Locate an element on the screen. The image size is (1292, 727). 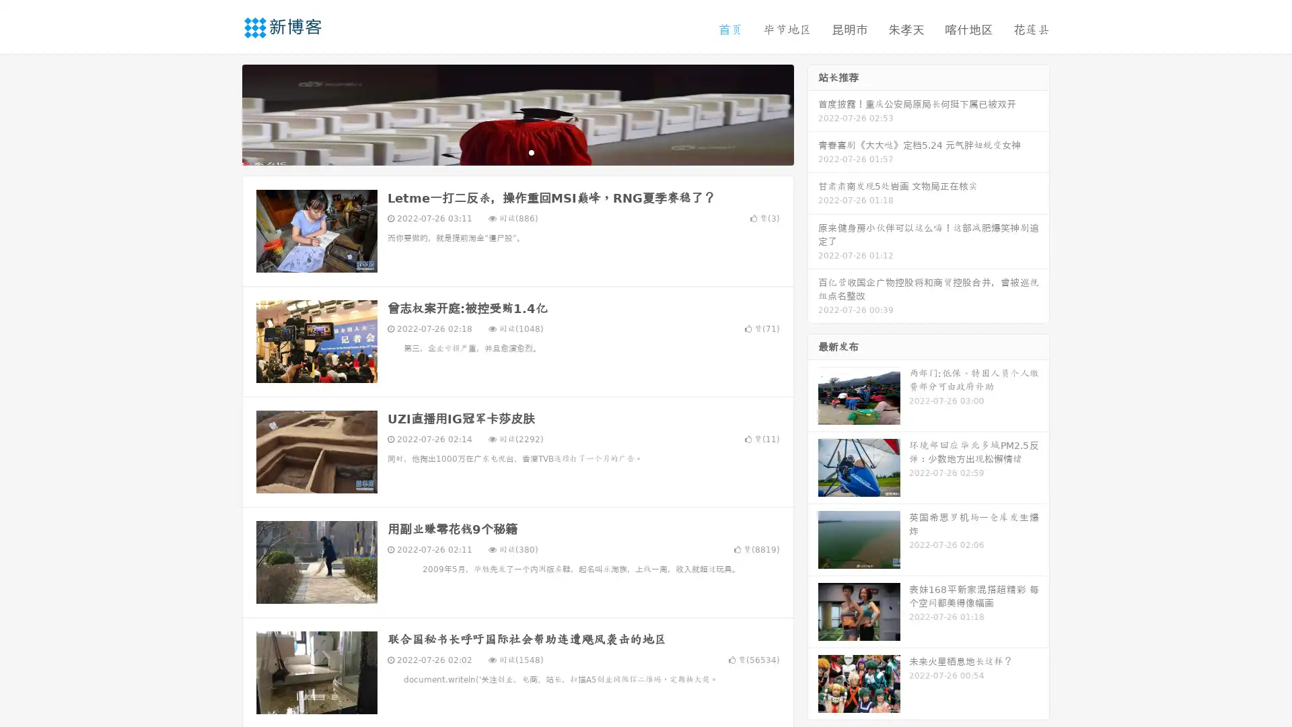
Go to slide 1 is located at coordinates (503, 151).